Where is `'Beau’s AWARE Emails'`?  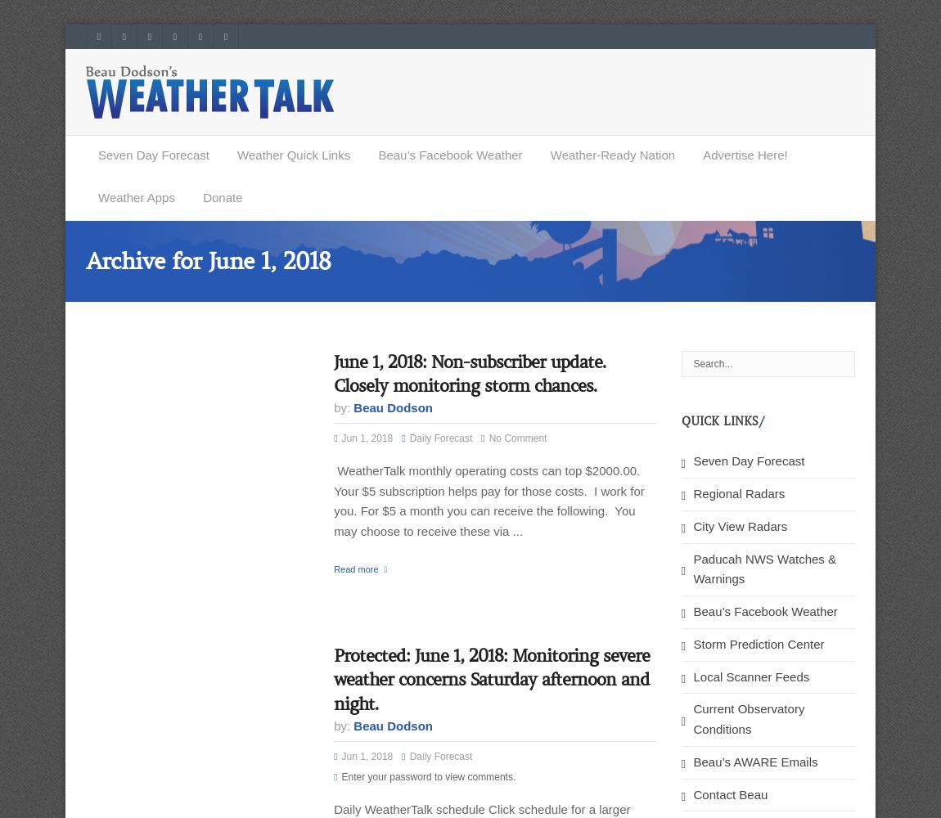
'Beau’s AWARE Emails' is located at coordinates (754, 761).